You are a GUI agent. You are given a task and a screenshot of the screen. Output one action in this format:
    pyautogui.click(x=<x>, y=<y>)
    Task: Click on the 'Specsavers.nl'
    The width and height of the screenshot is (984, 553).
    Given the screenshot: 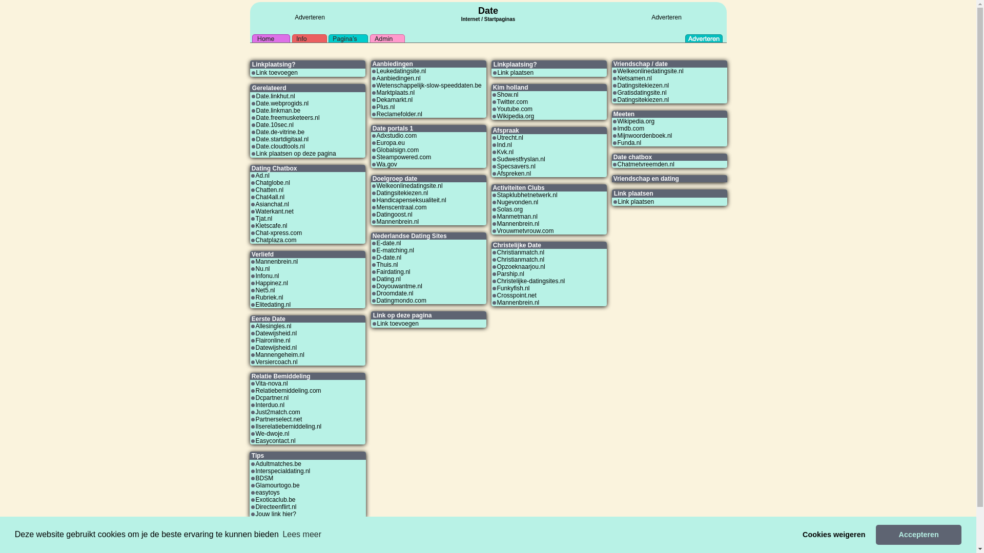 What is the action you would take?
    pyautogui.click(x=516, y=165)
    